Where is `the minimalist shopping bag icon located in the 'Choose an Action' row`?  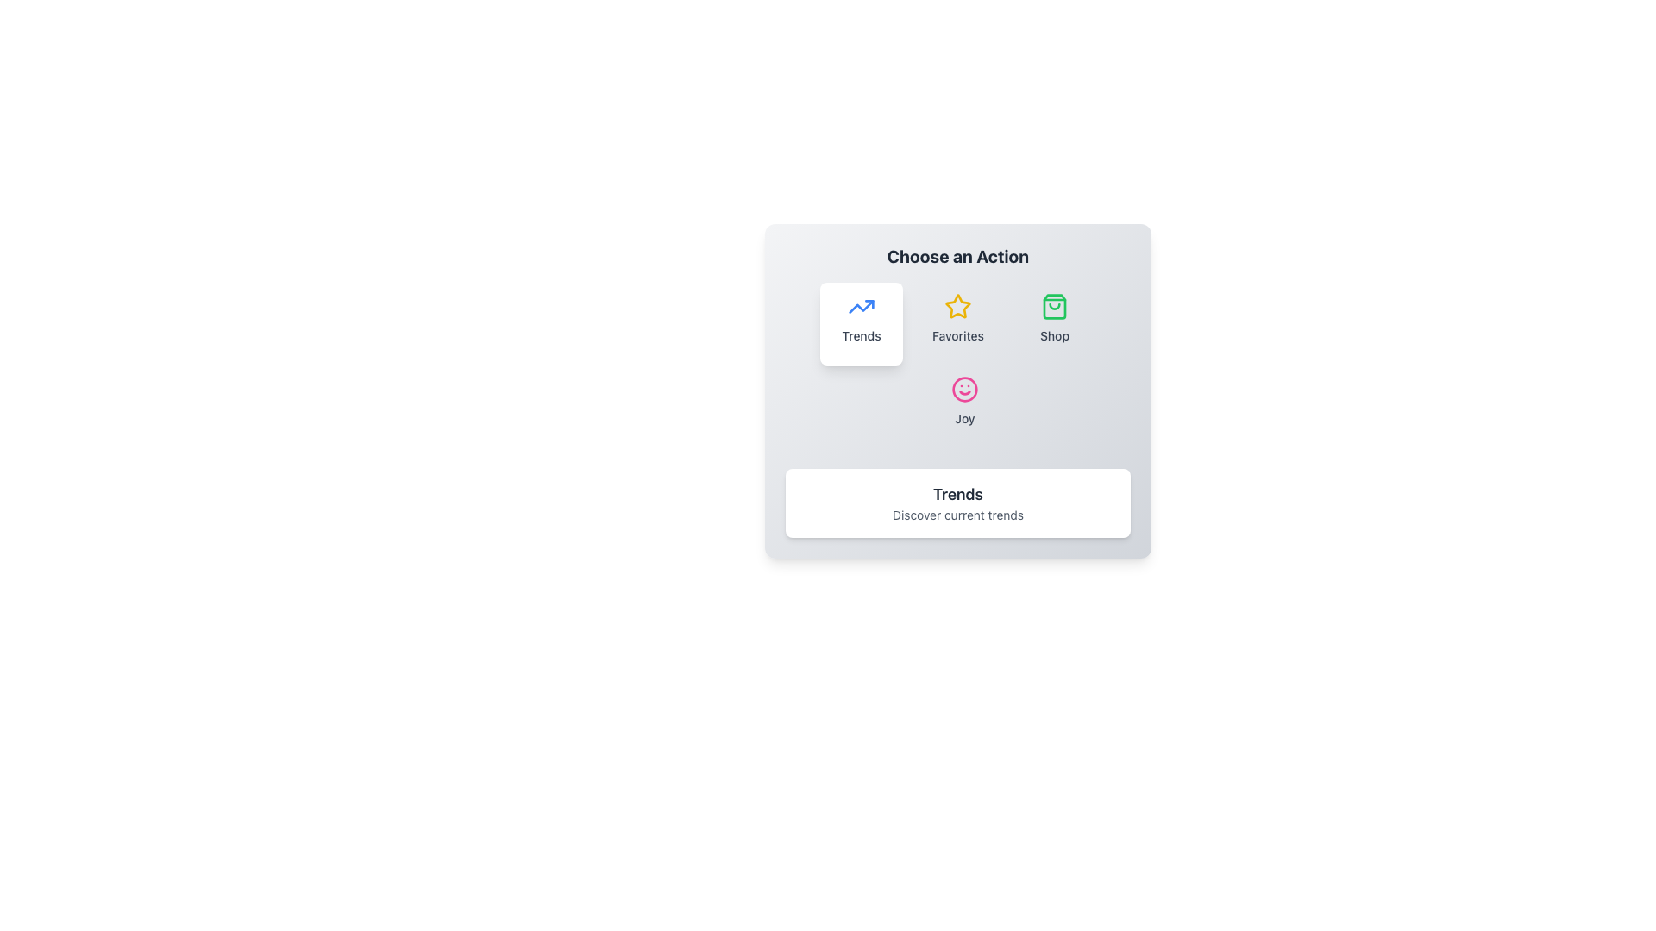 the minimalist shopping bag icon located in the 'Choose an Action' row is located at coordinates (1054, 305).